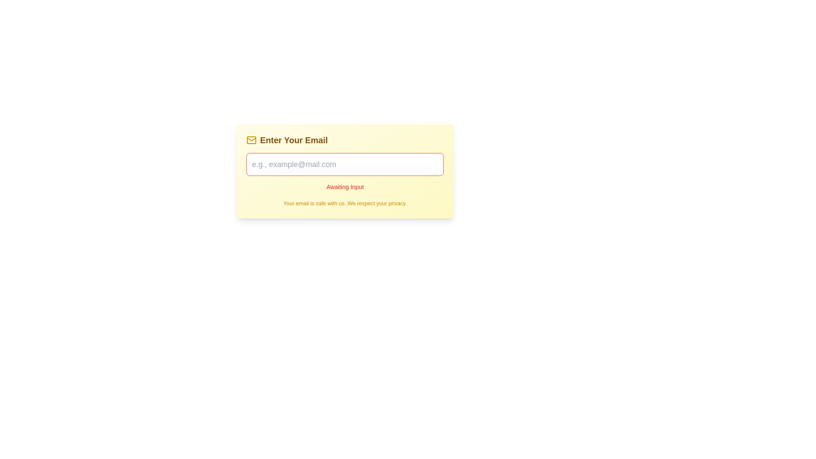 The width and height of the screenshot is (816, 459). I want to click on the text display element that reads 'Your email is safe with us. We respect your privacy.' which is styled in a yellowish-orange shade and is centrally aligned at the bottom of the email input form group, so click(345, 203).